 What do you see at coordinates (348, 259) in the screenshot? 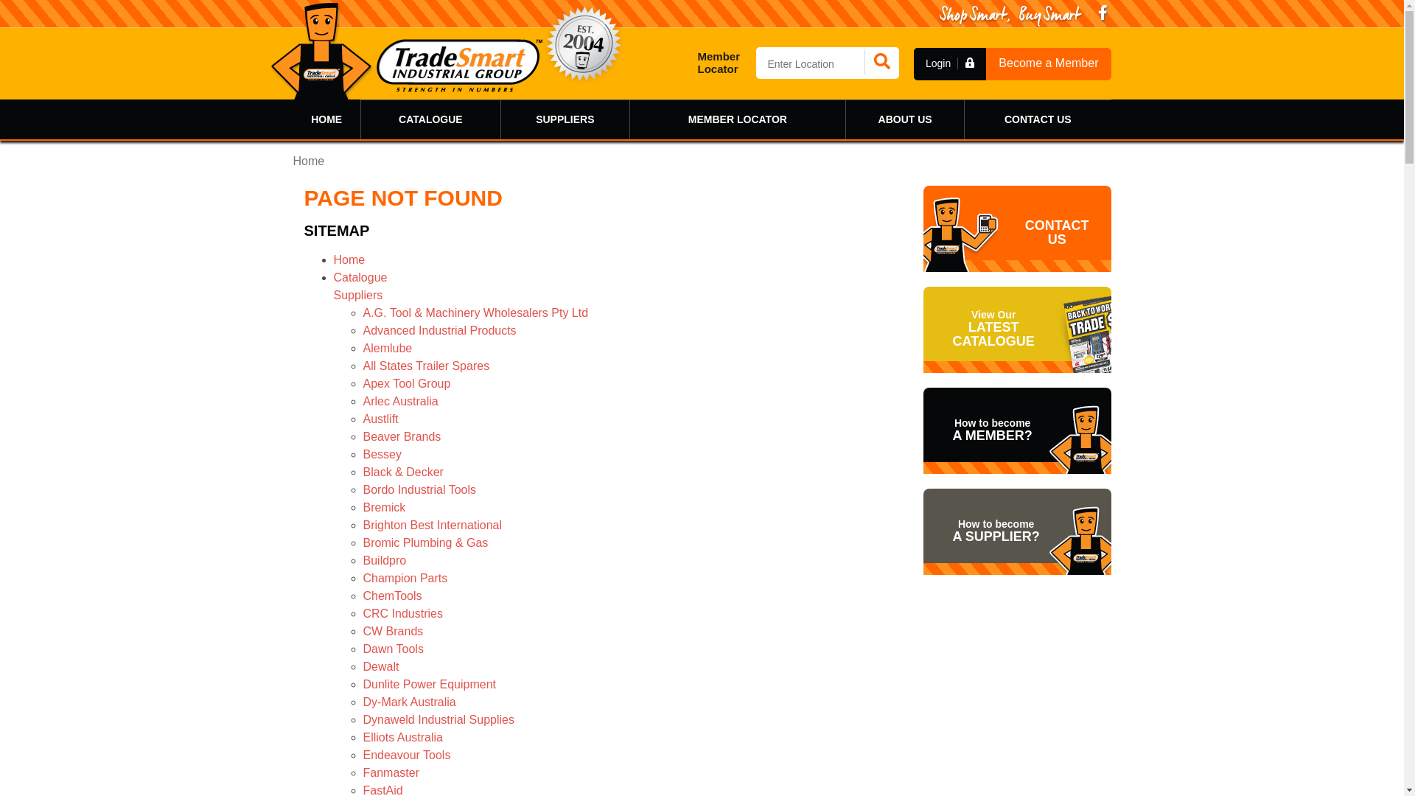
I see `'Home'` at bounding box center [348, 259].